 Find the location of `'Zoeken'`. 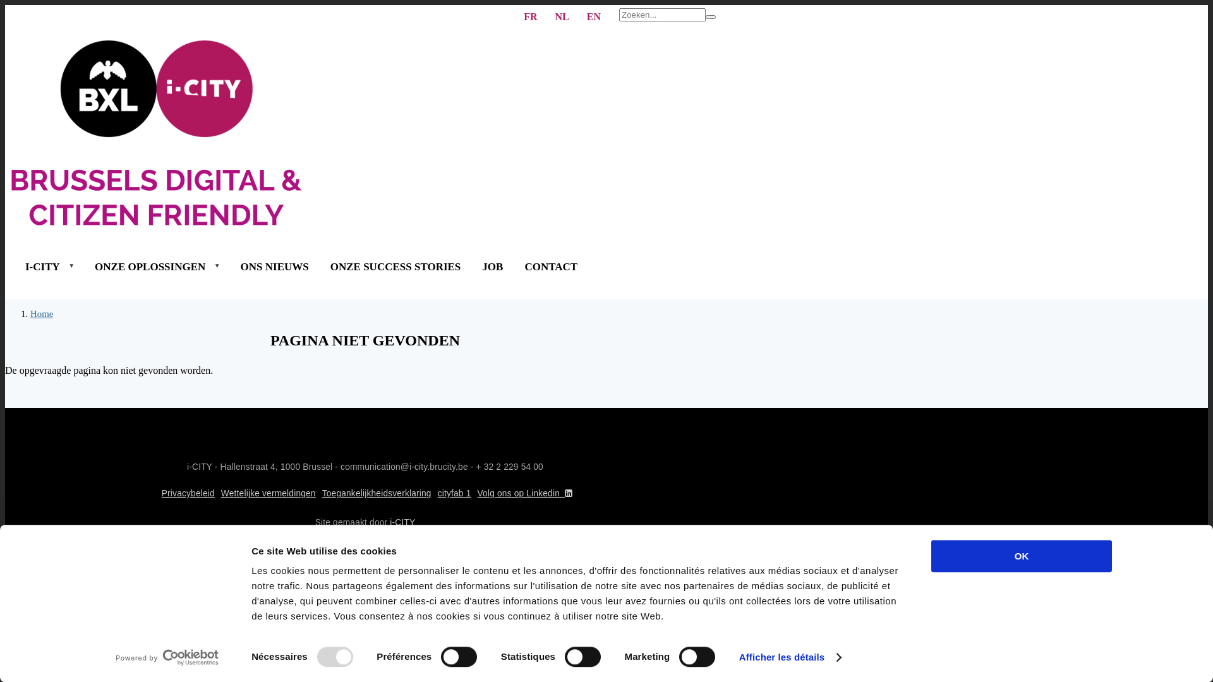

'Zoeken' is located at coordinates (710, 17).